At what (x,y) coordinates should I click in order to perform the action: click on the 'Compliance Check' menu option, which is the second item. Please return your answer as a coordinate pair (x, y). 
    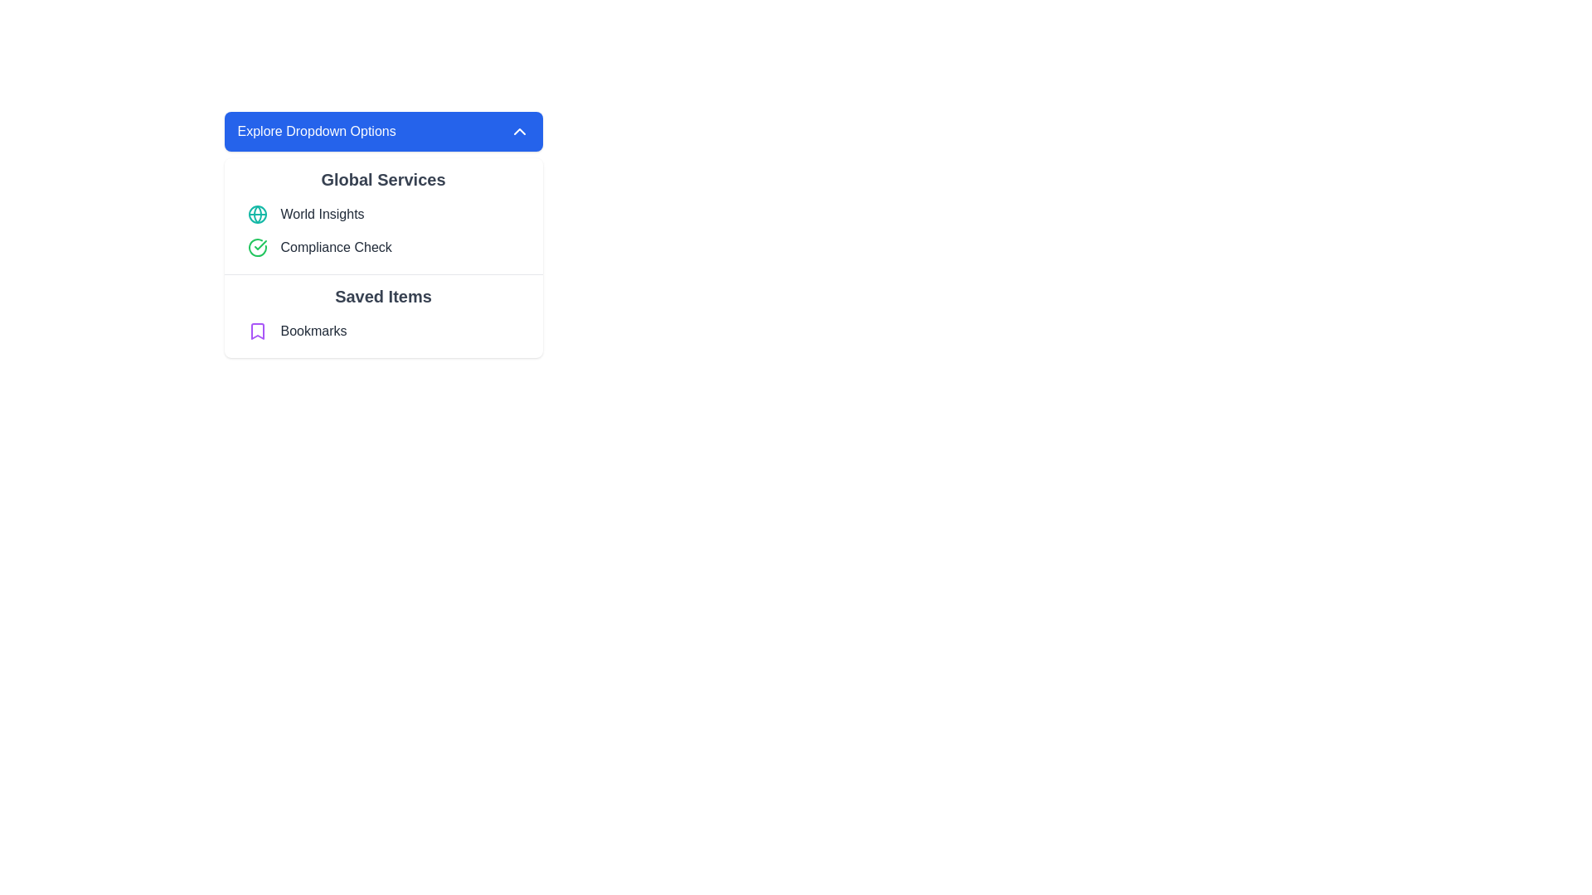
    Looking at the image, I should click on (382, 235).